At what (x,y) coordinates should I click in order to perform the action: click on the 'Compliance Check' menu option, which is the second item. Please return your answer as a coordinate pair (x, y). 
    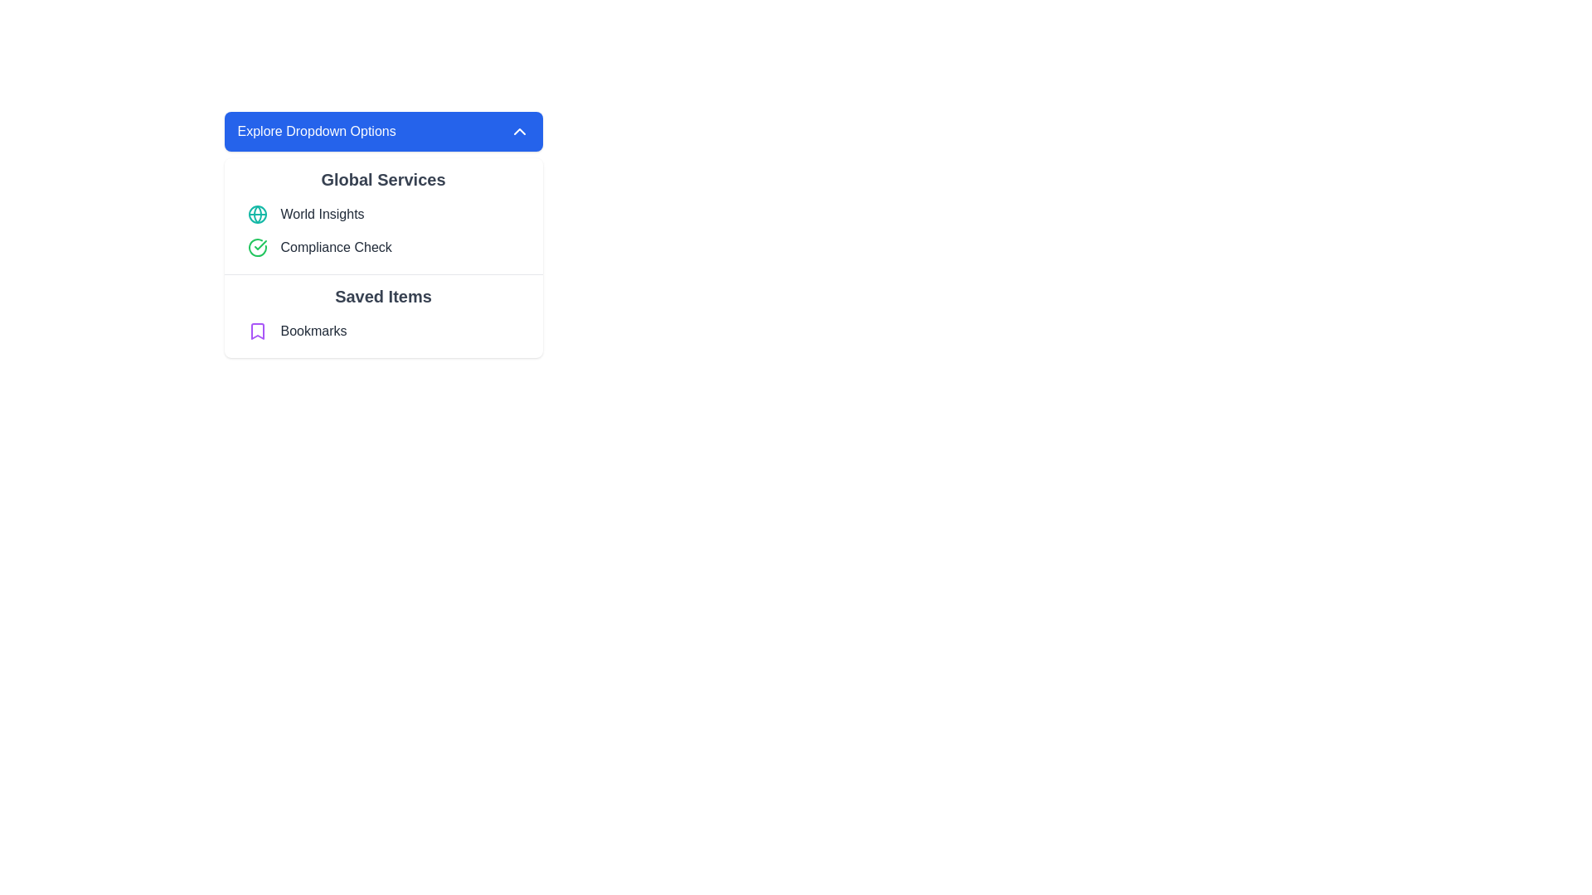
    Looking at the image, I should click on (382, 235).